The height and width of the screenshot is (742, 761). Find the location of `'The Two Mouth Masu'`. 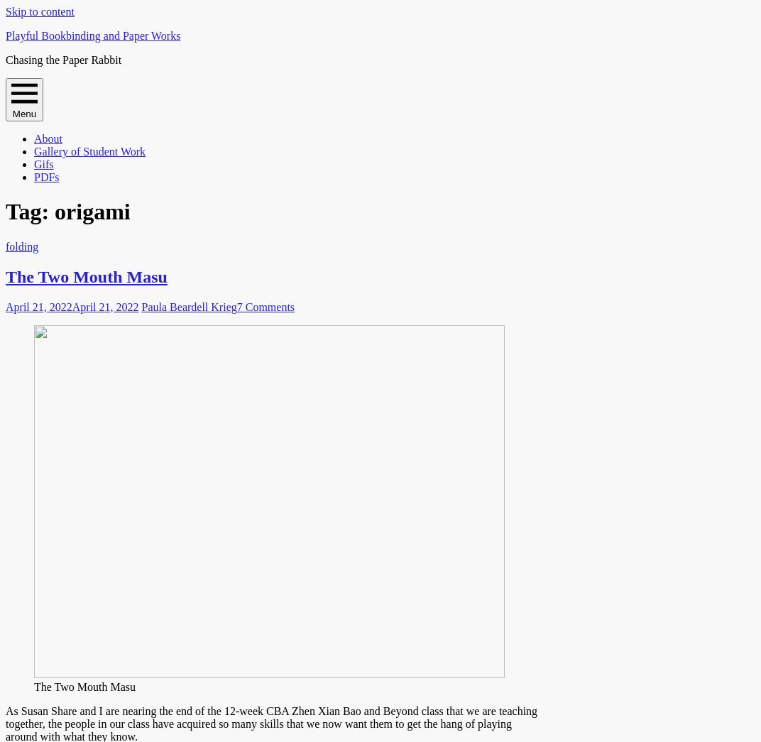

'The Two Mouth Masu' is located at coordinates (84, 685).